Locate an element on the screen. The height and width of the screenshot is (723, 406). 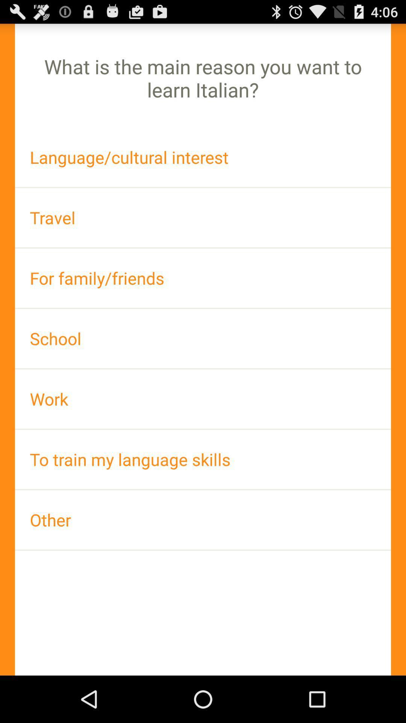
the item below travel is located at coordinates (203, 278).